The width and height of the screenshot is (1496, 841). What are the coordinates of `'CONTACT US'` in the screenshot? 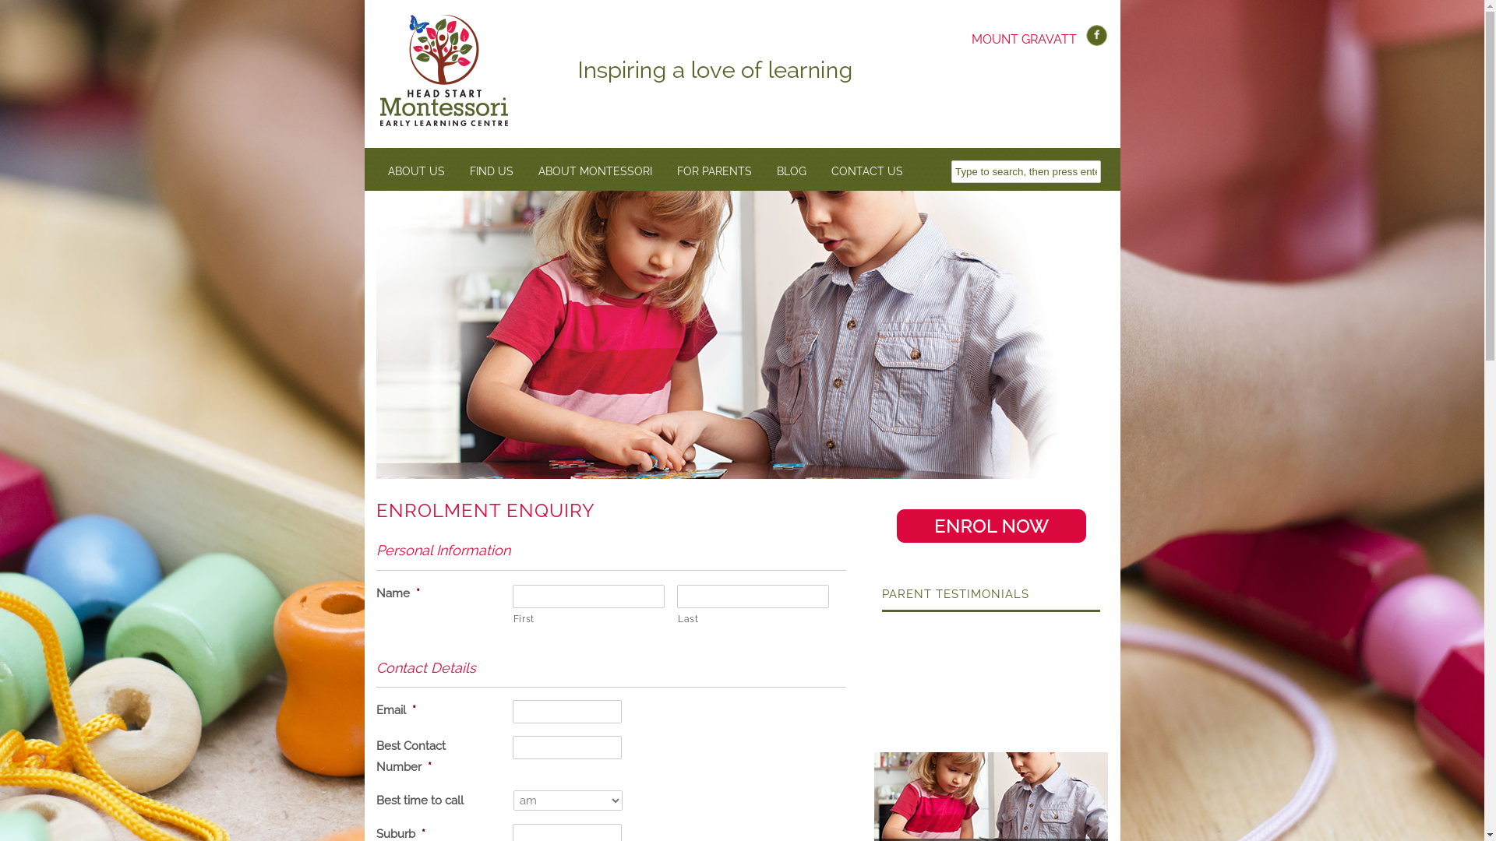 It's located at (866, 171).